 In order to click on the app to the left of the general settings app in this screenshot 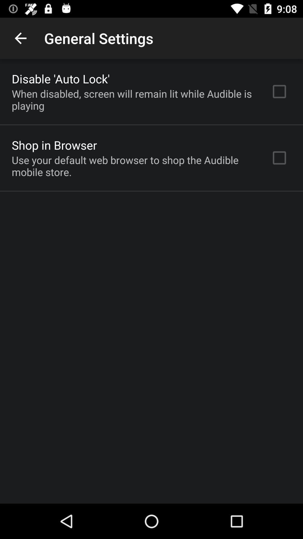, I will do `click(20, 38)`.